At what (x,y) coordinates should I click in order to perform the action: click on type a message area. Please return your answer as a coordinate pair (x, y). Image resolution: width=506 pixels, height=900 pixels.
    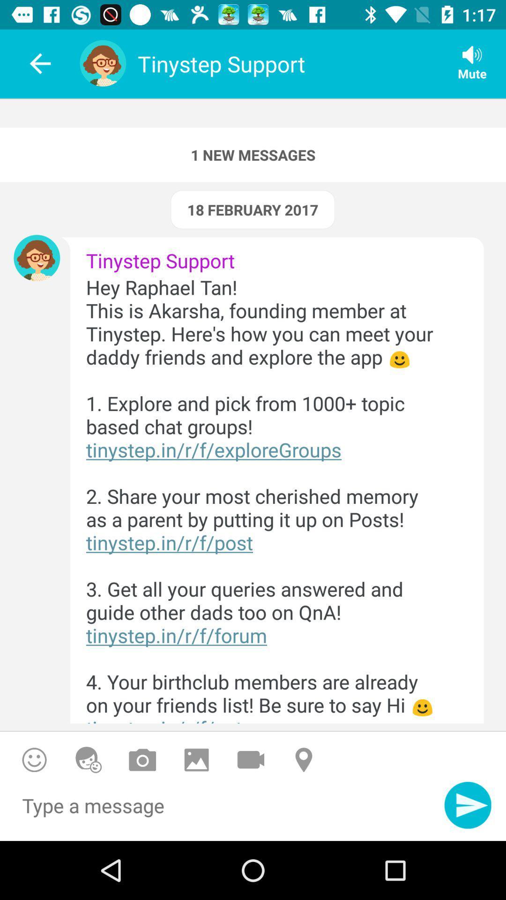
    Looking at the image, I should click on (222, 810).